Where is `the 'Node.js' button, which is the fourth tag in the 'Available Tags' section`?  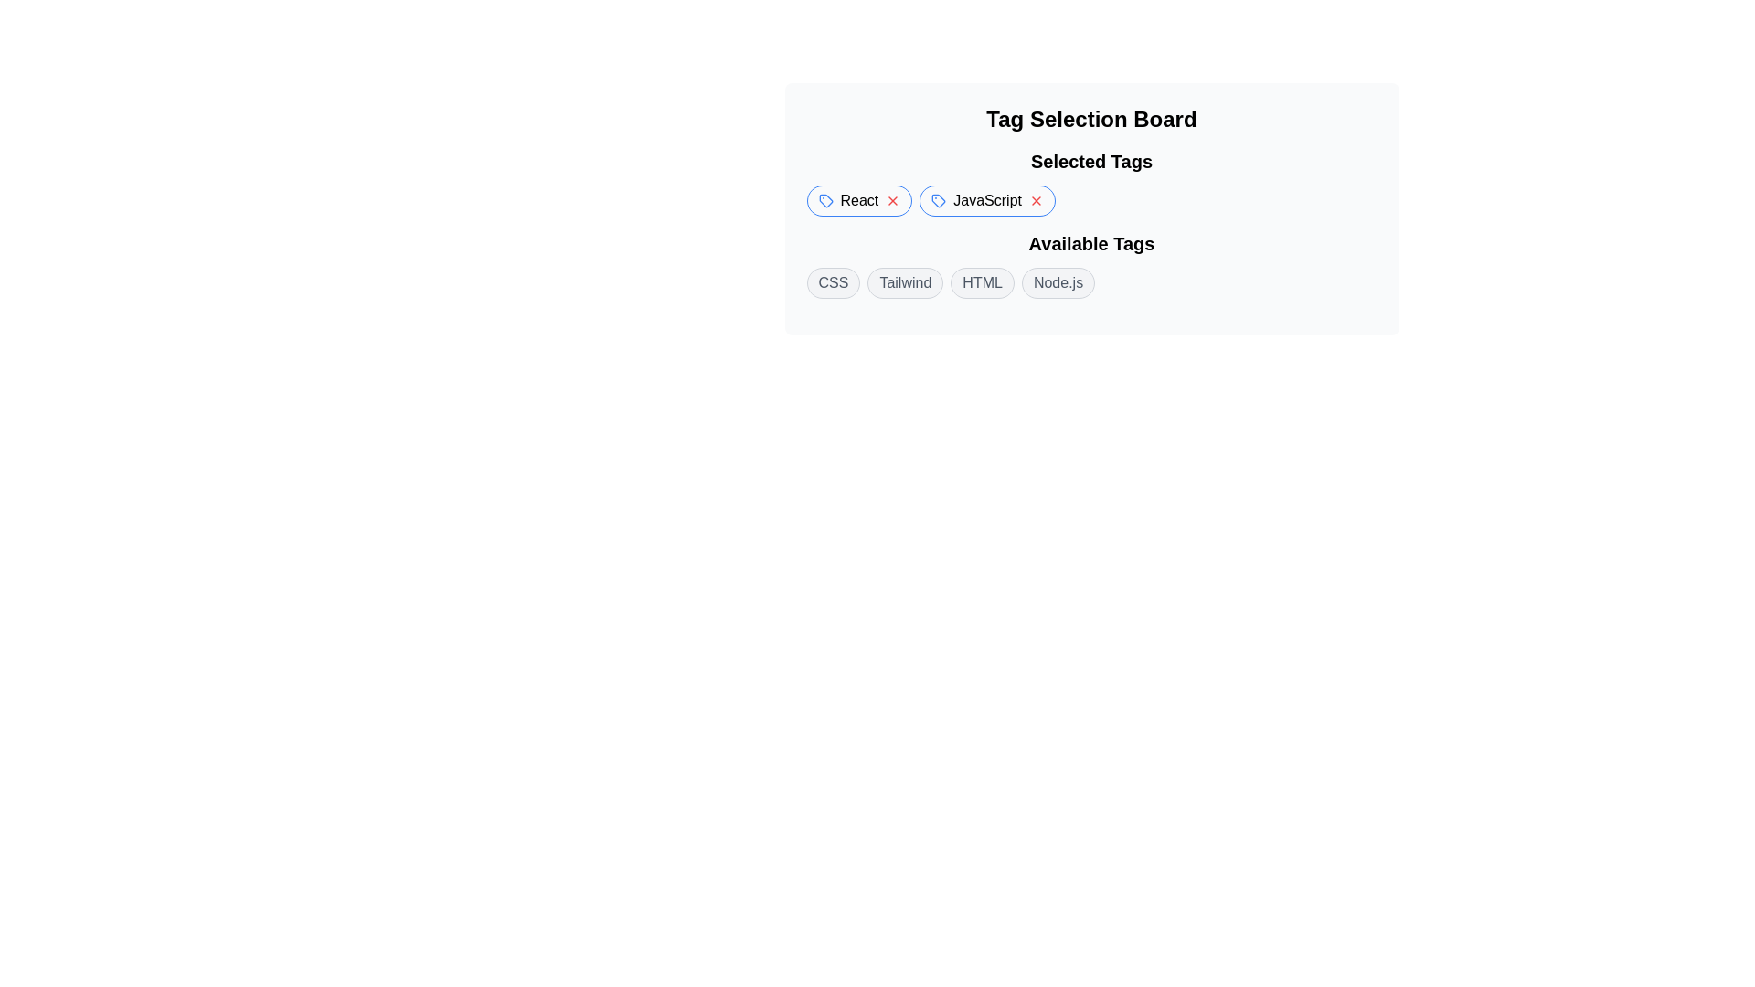
the 'Node.js' button, which is the fourth tag in the 'Available Tags' section is located at coordinates (1058, 282).